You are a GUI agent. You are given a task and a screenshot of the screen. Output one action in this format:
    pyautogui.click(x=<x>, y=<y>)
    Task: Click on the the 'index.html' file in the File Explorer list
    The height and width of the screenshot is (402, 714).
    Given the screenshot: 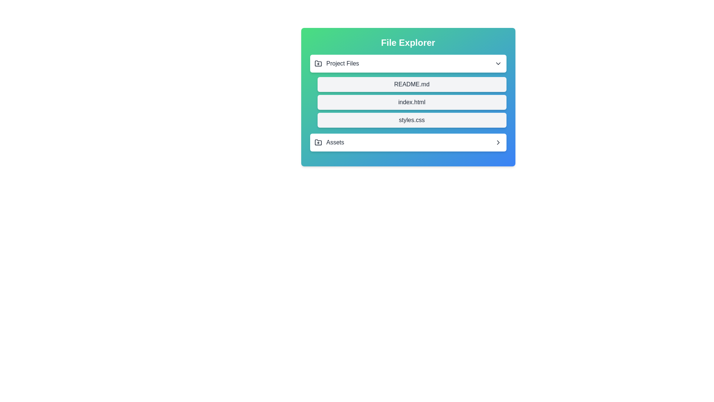 What is the action you would take?
    pyautogui.click(x=408, y=97)
    